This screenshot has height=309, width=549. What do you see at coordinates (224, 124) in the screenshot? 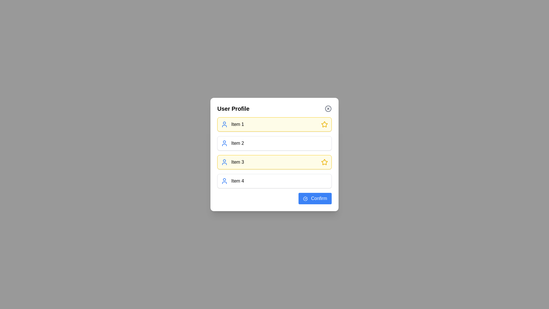
I see `the user-related icon representing 'Item 1', which is positioned to the left of the text content and aligns with other user icons in the list` at bounding box center [224, 124].